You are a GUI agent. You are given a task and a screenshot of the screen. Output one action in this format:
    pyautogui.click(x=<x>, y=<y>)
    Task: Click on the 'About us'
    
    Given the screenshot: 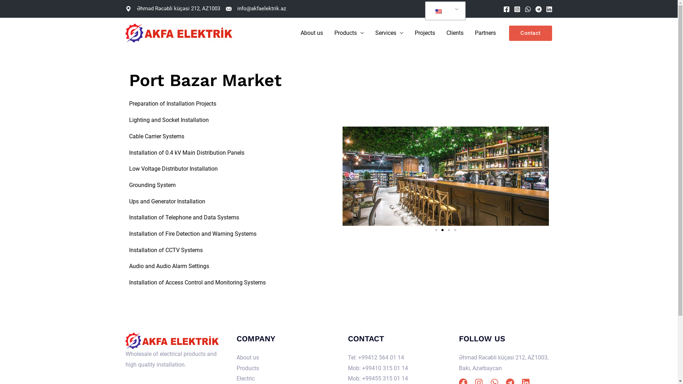 What is the action you would take?
    pyautogui.click(x=312, y=33)
    